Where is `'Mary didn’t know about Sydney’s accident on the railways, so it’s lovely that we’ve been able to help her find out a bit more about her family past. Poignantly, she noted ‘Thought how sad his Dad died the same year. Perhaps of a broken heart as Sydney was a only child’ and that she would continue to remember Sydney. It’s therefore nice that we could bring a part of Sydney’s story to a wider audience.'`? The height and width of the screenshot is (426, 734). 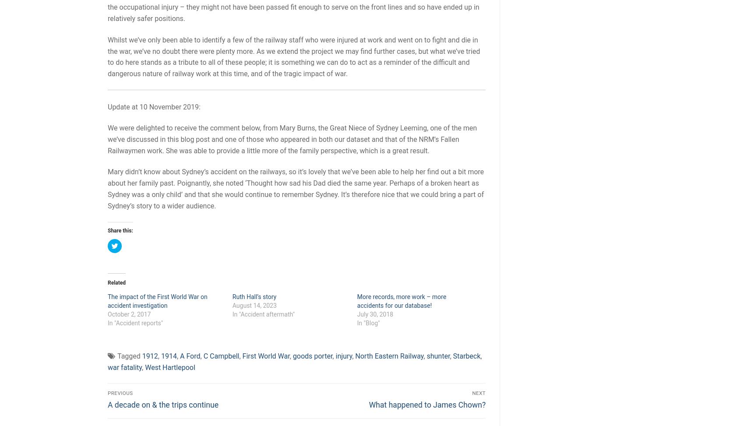 'Mary didn’t know about Sydney’s accident on the railways, so it’s lovely that we’ve been able to help her find out a bit more about her family past. Poignantly, she noted ‘Thought how sad his Dad died the same year. Perhaps of a broken heart as Sydney was a only child’ and that she would continue to remember Sydney. It’s therefore nice that we could bring a part of Sydney’s story to a wider audience.' is located at coordinates (295, 189).